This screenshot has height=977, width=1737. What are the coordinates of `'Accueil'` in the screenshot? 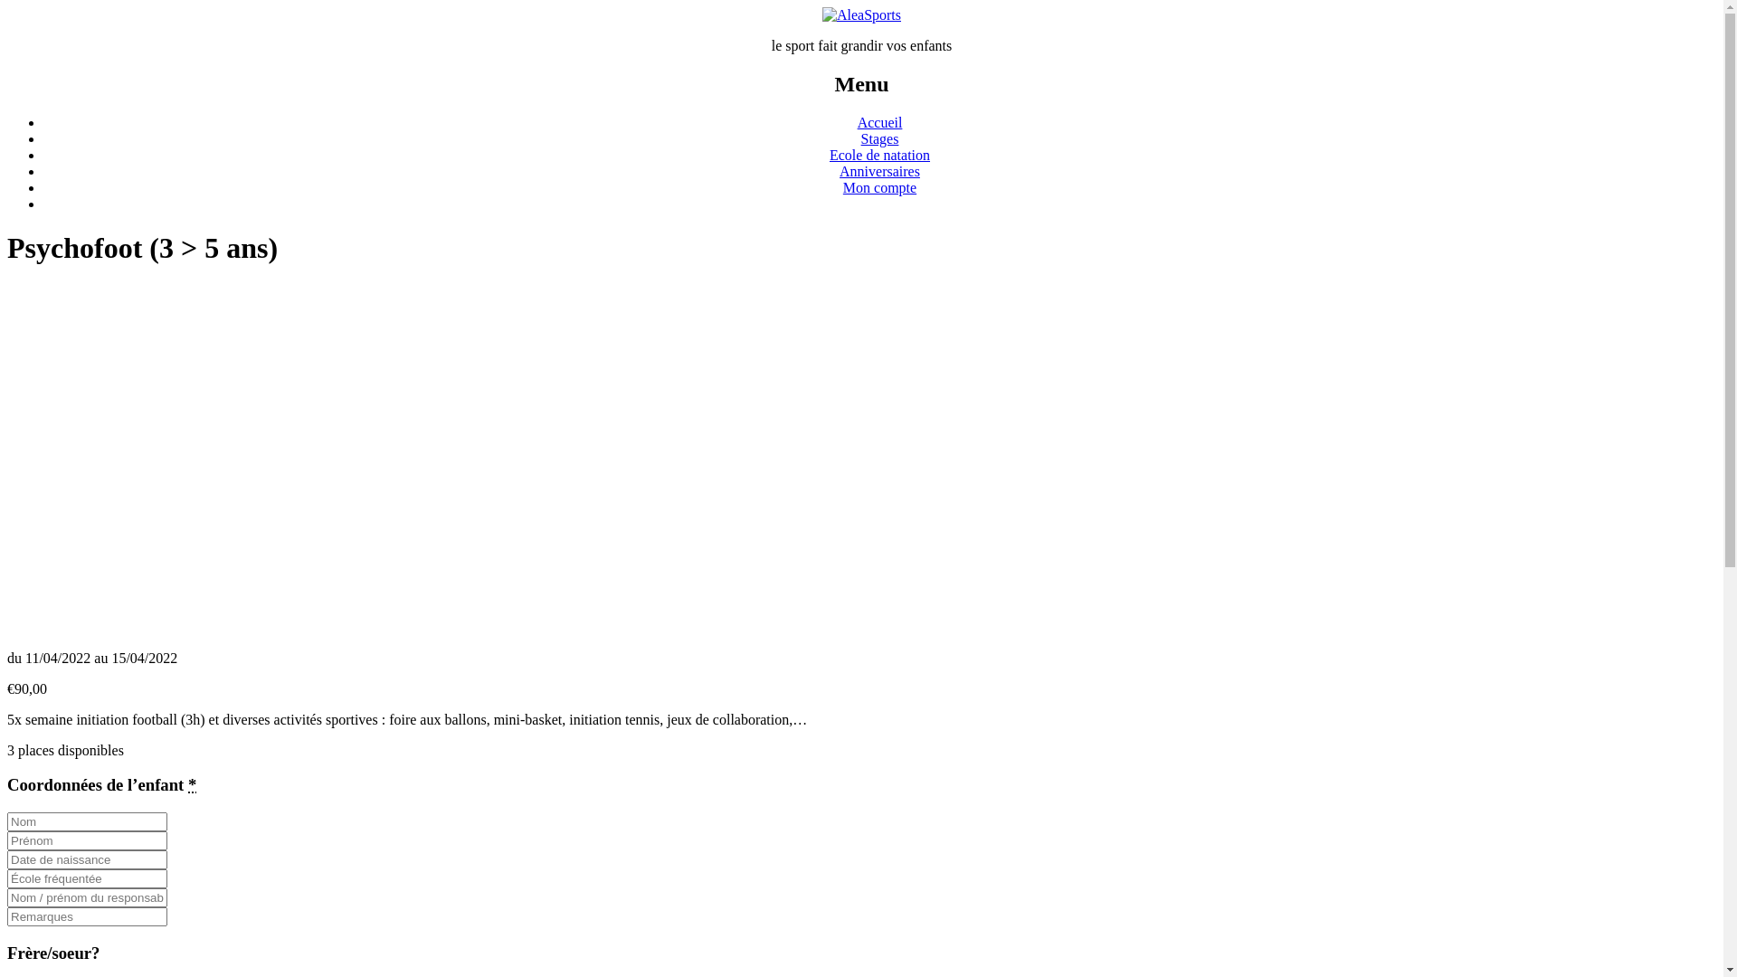 It's located at (880, 122).